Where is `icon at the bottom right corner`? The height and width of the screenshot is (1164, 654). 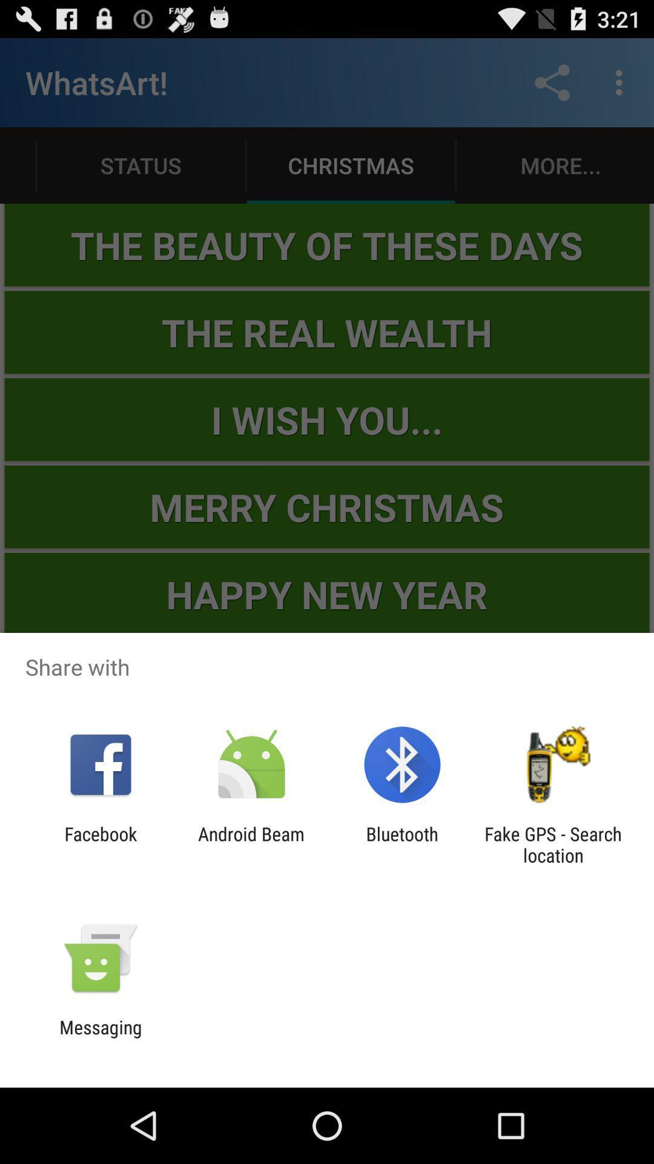
icon at the bottom right corner is located at coordinates (553, 844).